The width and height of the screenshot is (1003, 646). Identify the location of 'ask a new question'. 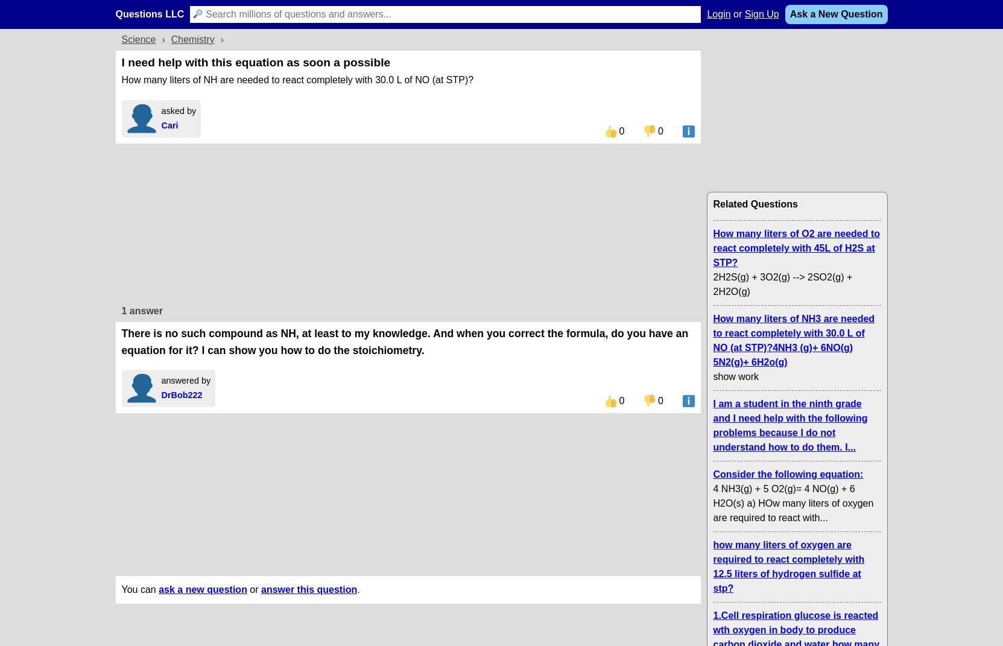
(201, 588).